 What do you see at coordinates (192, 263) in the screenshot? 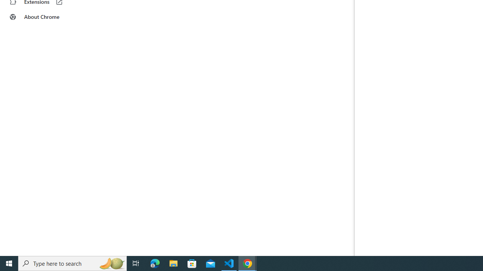
I see `'Microsoft Store'` at bounding box center [192, 263].